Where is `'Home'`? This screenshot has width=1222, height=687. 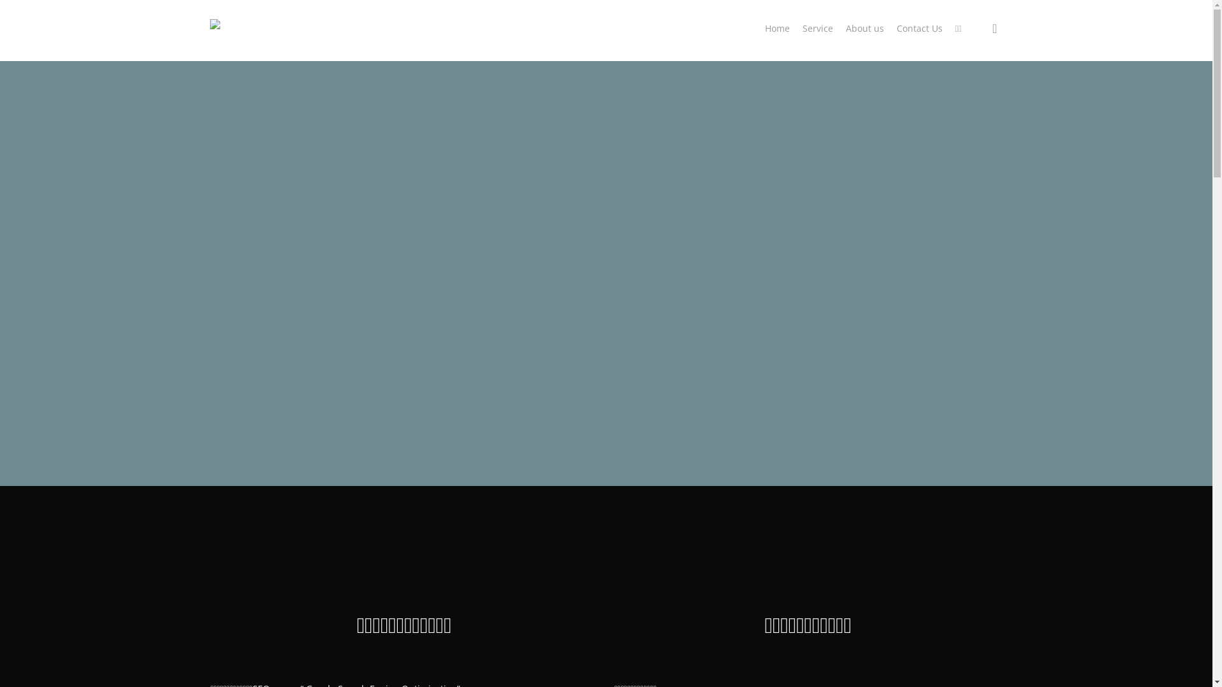
'Home' is located at coordinates (222, 39).